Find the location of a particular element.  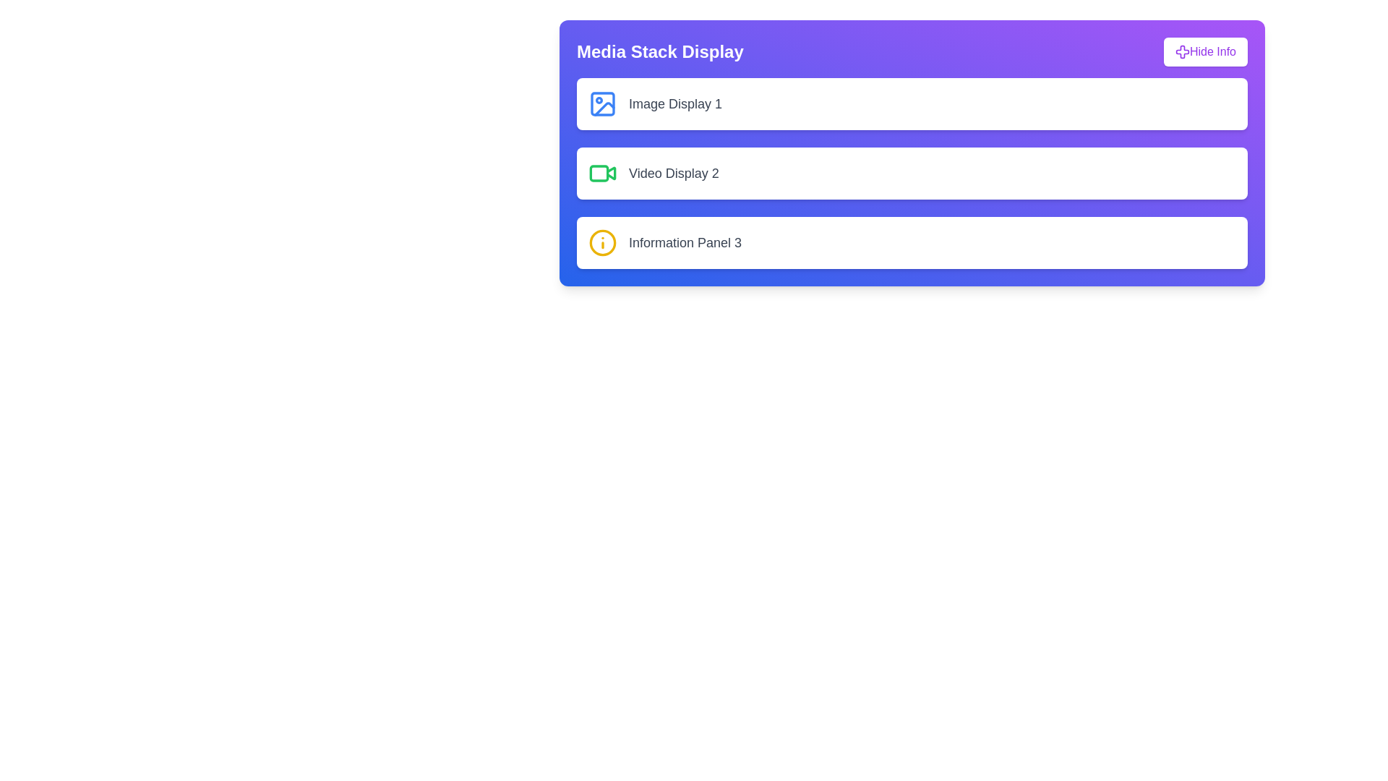

the video icon located to the left of 'Video Display 2' in the second entry of the 'Media Stack Display' list is located at coordinates (603, 172).